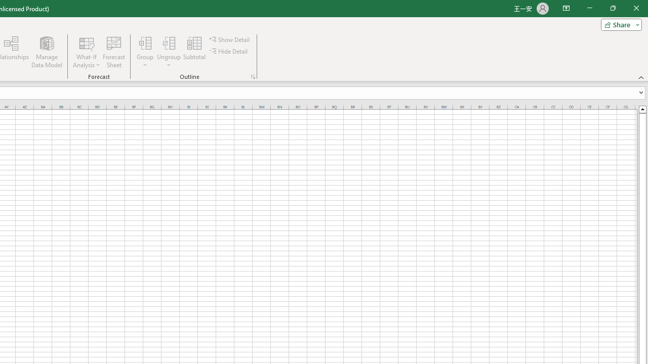 The width and height of the screenshot is (648, 364). What do you see at coordinates (145, 42) in the screenshot?
I see `'Group...'` at bounding box center [145, 42].